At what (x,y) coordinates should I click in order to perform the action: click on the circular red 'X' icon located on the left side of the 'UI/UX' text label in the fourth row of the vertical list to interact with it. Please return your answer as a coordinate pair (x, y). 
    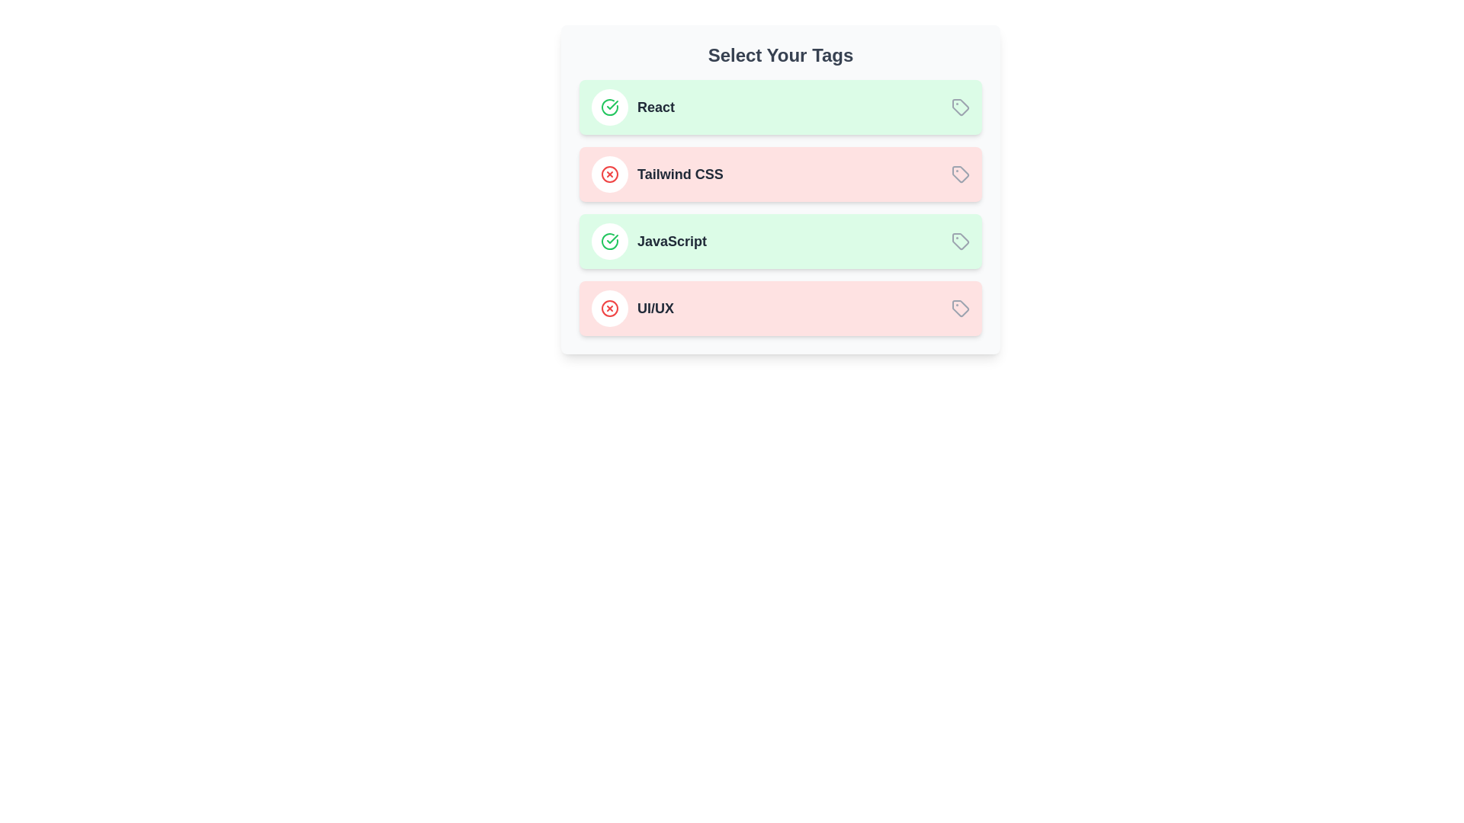
    Looking at the image, I should click on (610, 309).